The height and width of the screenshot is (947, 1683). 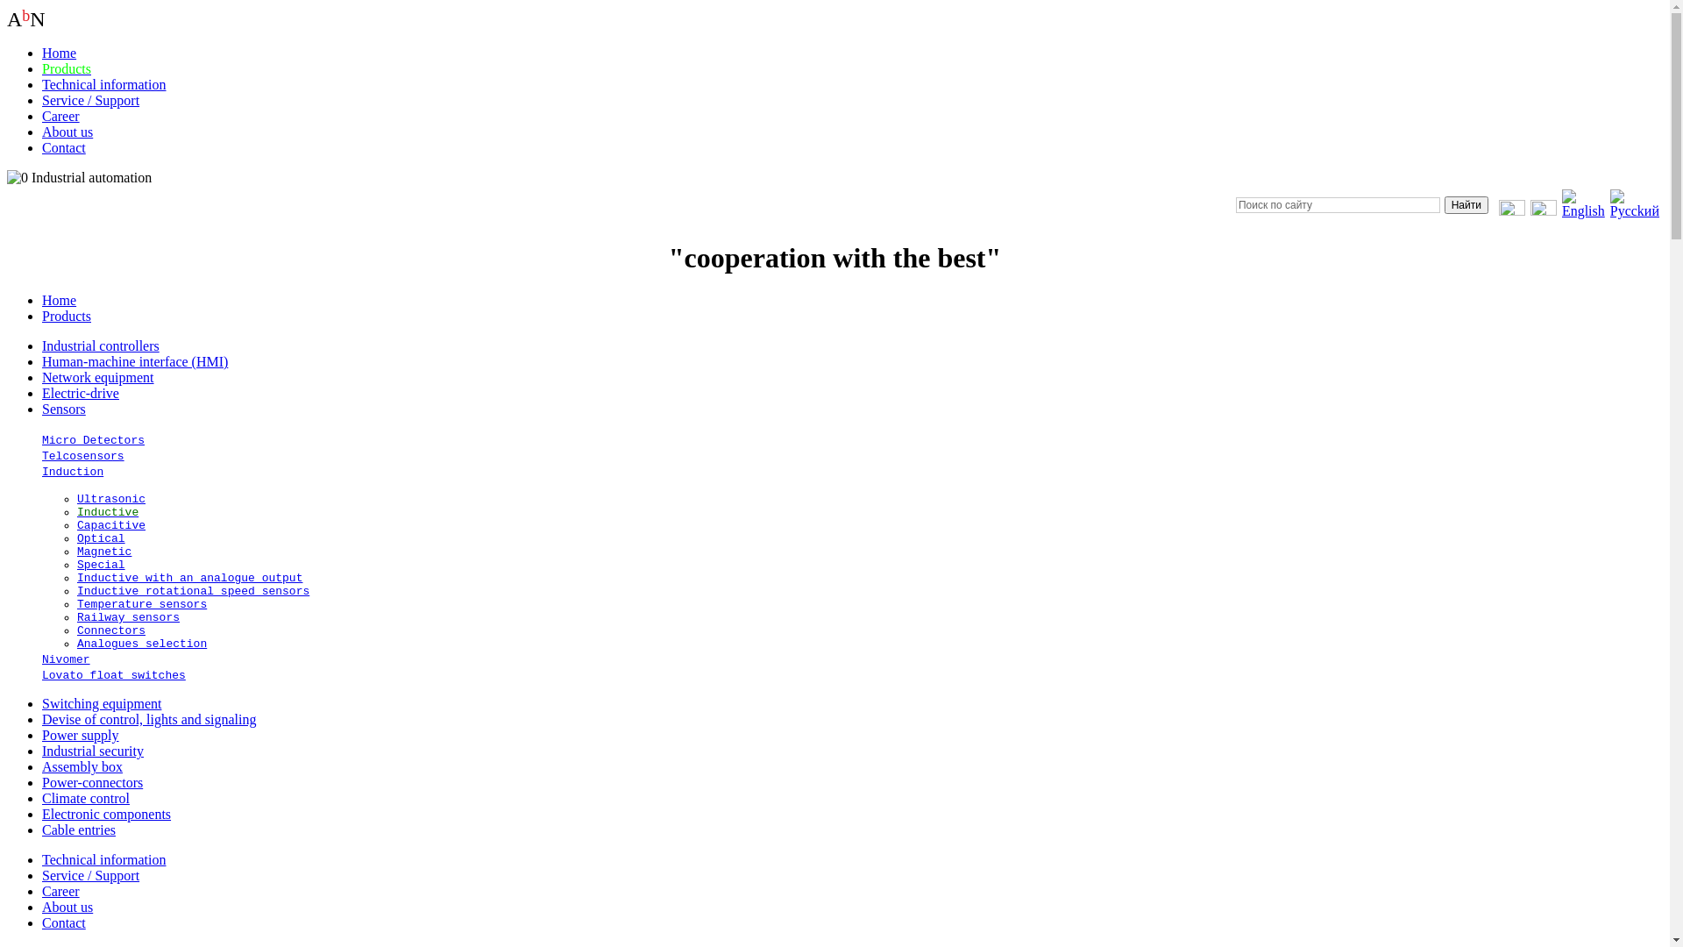 What do you see at coordinates (75, 565) in the screenshot?
I see `'Special'` at bounding box center [75, 565].